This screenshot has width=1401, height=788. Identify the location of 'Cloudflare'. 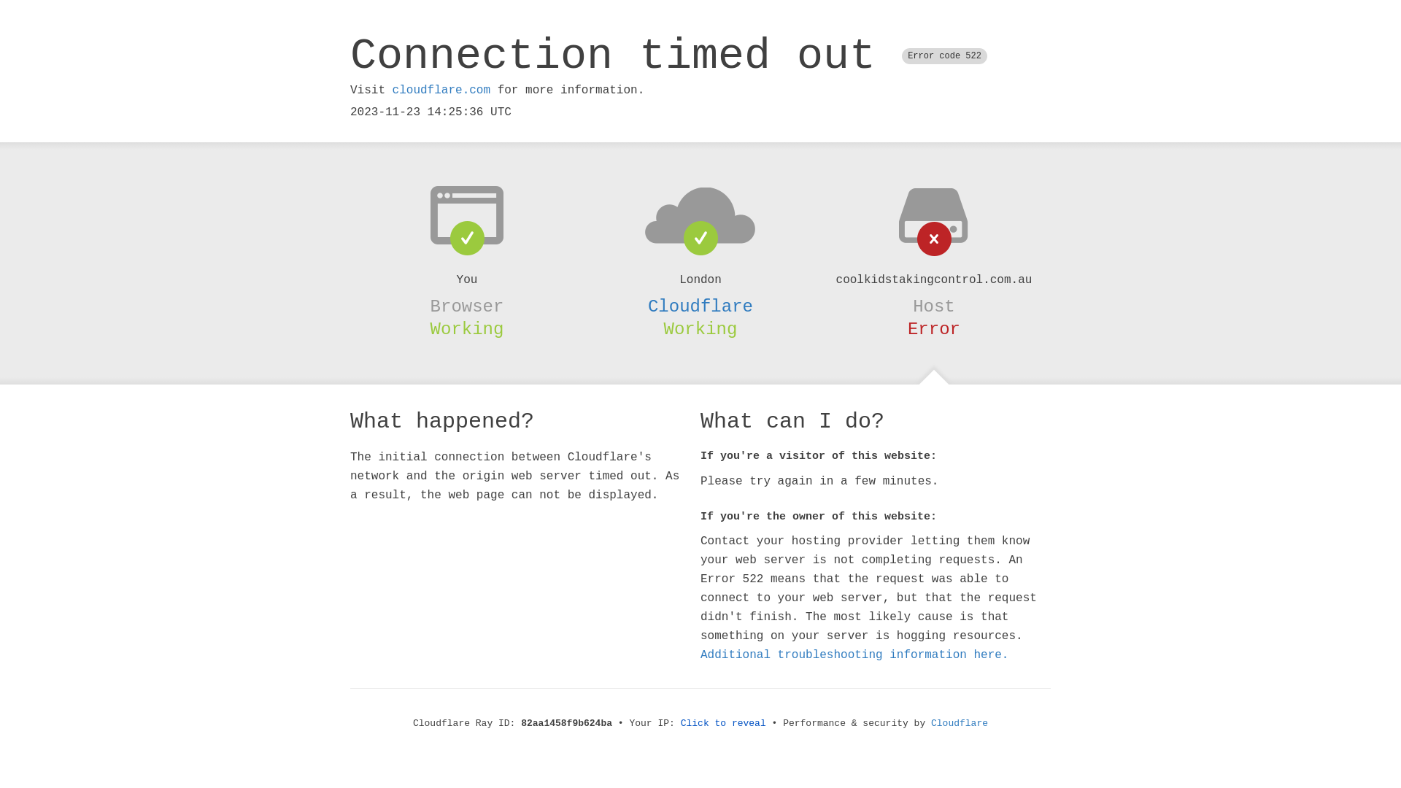
(647, 306).